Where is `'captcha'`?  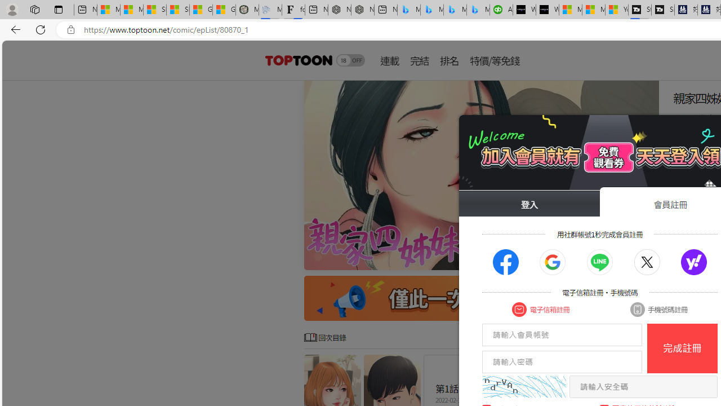
'captcha' is located at coordinates (523, 386).